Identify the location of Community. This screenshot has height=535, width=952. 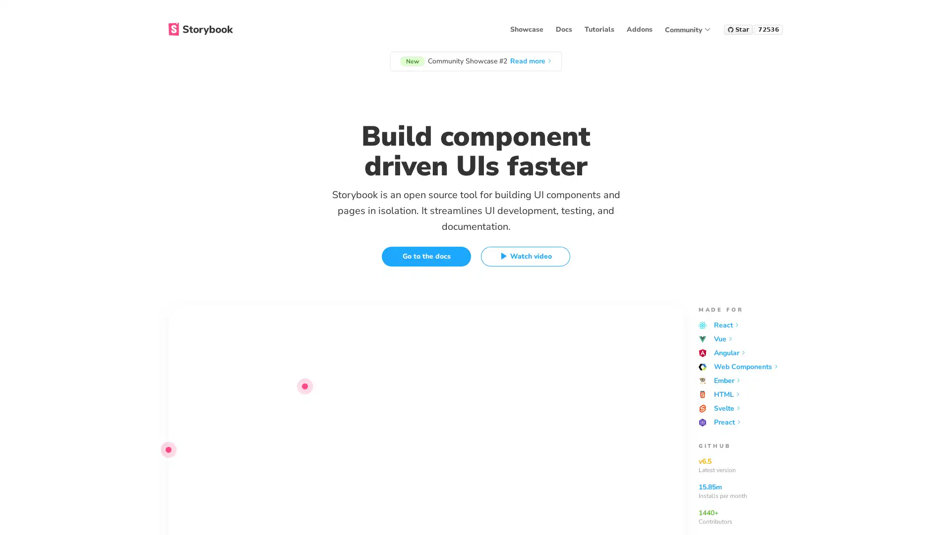
(687, 29).